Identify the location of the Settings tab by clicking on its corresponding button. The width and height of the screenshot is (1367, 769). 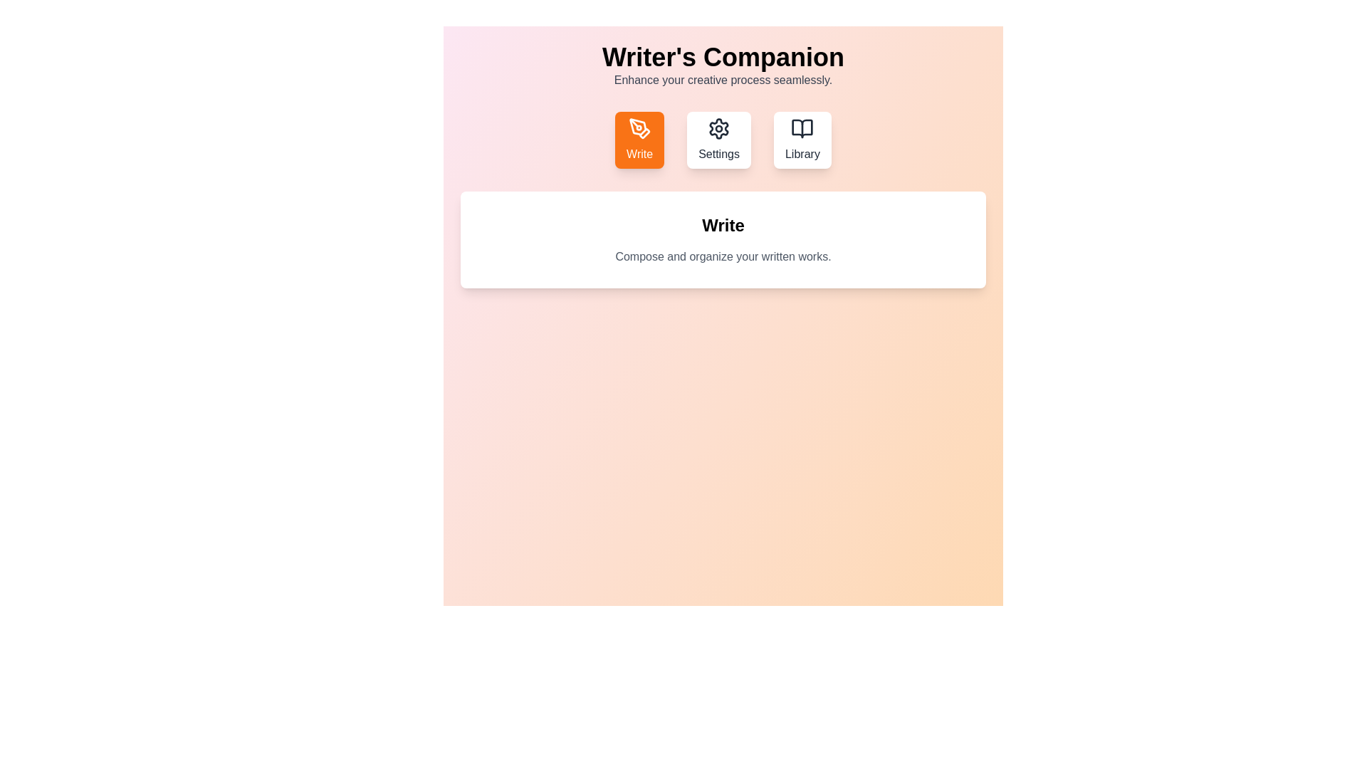
(719, 140).